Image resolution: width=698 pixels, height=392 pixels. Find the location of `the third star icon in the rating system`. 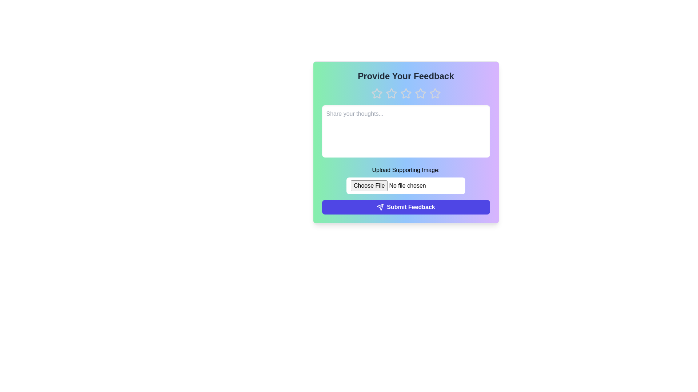

the third star icon in the rating system is located at coordinates (405, 93).